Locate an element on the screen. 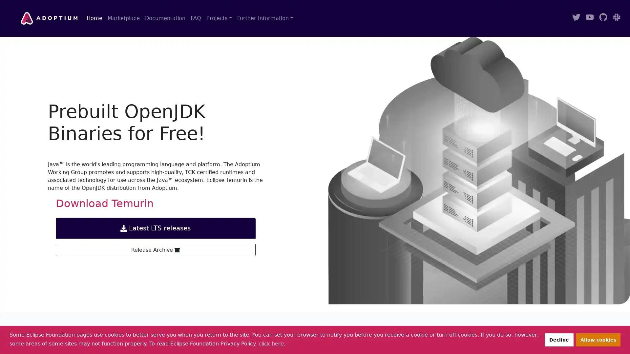  Further Information is located at coordinates (265, 18).